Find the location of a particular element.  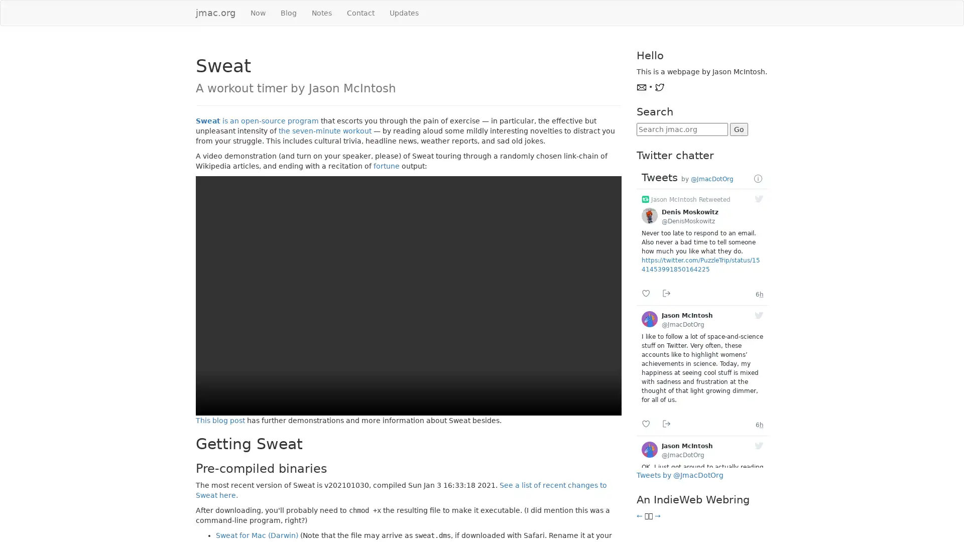

show more media controls is located at coordinates (609, 390).